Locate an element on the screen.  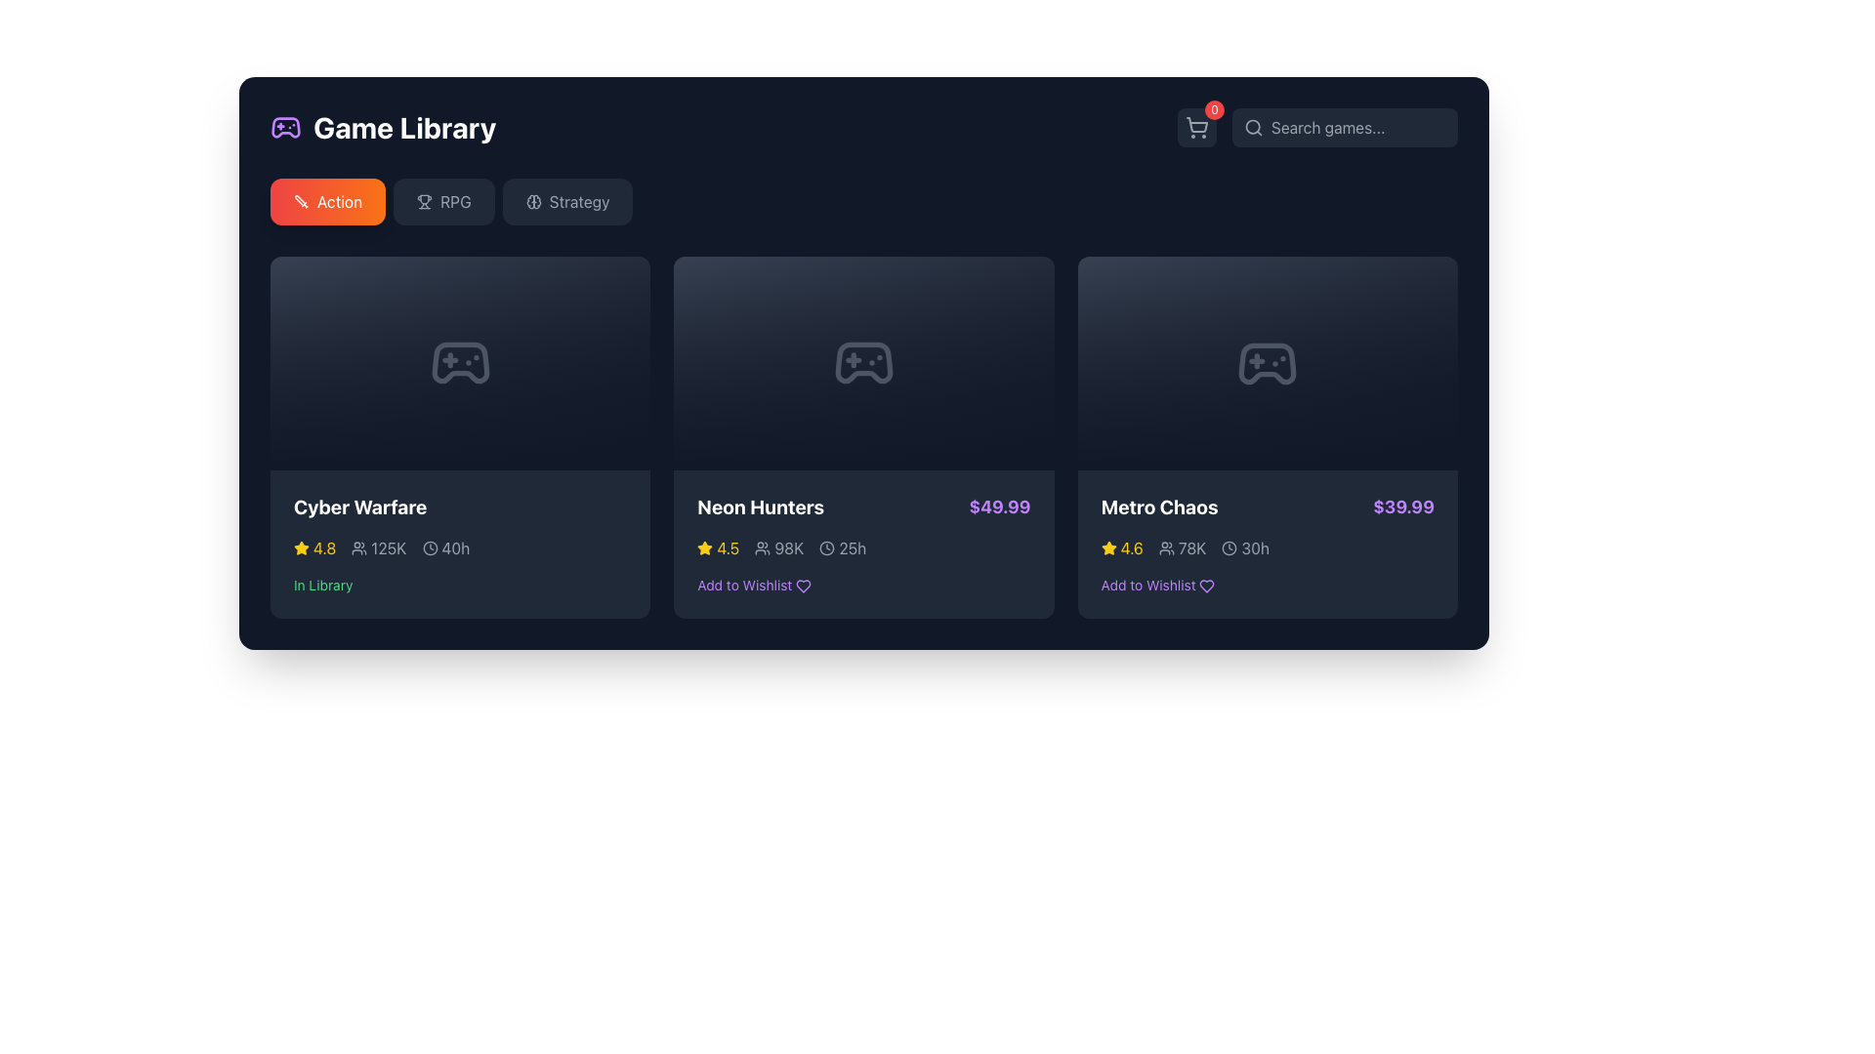
the rectangular button with rounded corners labeled 'Action' that is located beneath the title 'Game Library' is located at coordinates (328, 202).